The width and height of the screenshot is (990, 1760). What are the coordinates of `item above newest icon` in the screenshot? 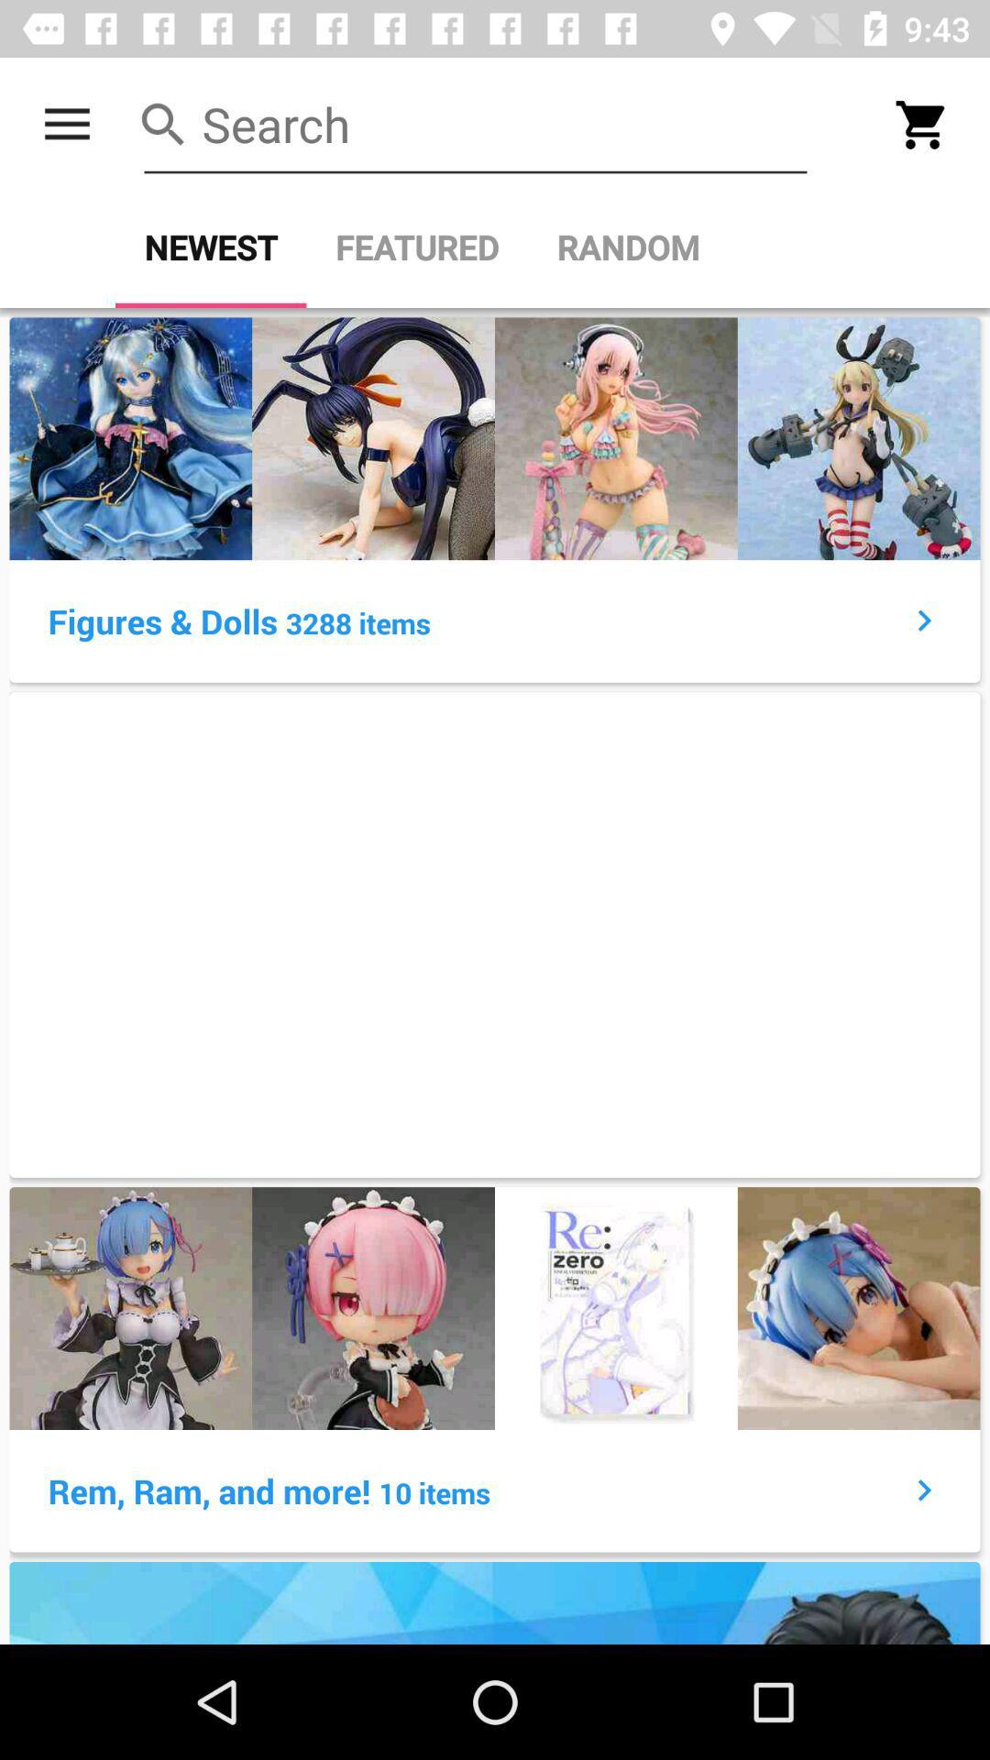 It's located at (475, 124).